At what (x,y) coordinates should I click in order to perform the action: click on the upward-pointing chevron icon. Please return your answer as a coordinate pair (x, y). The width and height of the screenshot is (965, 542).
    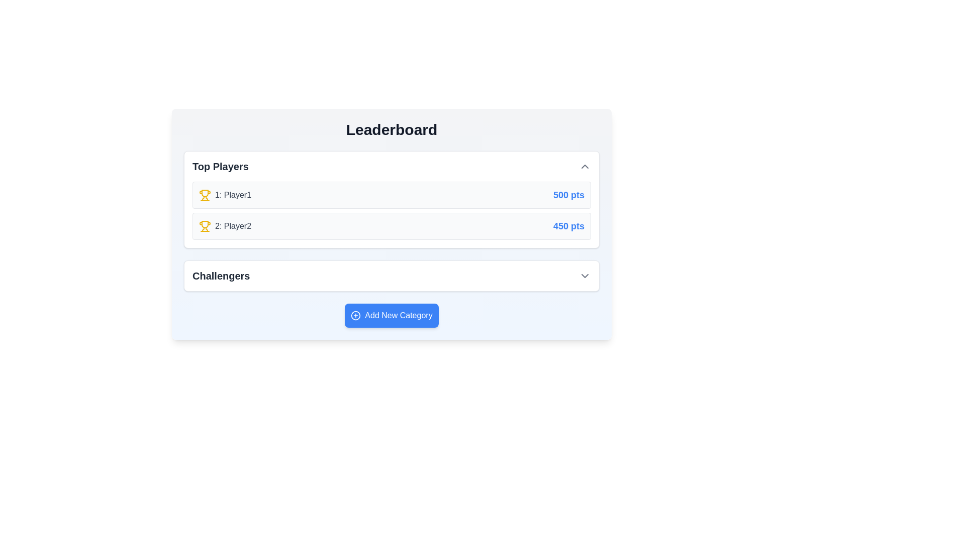
    Looking at the image, I should click on (585, 166).